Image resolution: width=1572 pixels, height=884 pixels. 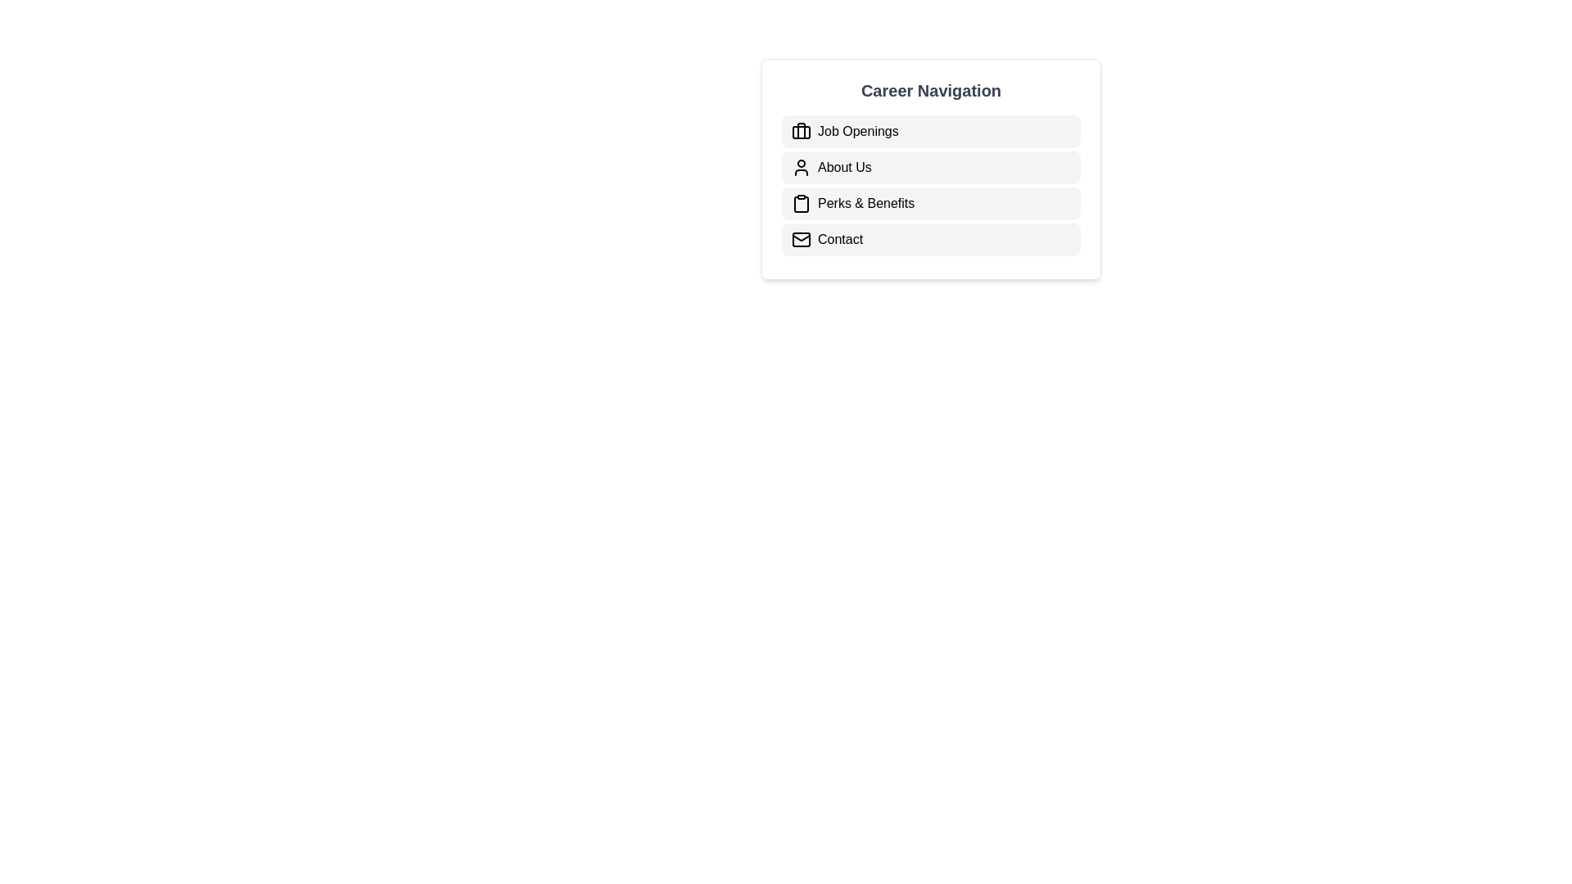 I want to click on the navigation menu item in the 'Career Navigation' section, so click(x=931, y=185).